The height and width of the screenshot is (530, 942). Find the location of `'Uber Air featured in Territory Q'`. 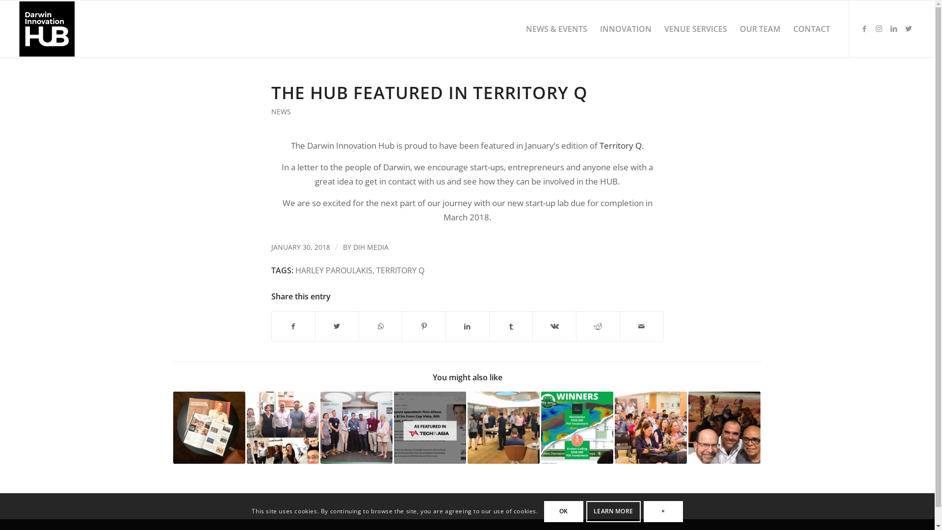

'Uber Air featured in Territory Q' is located at coordinates (208, 427).